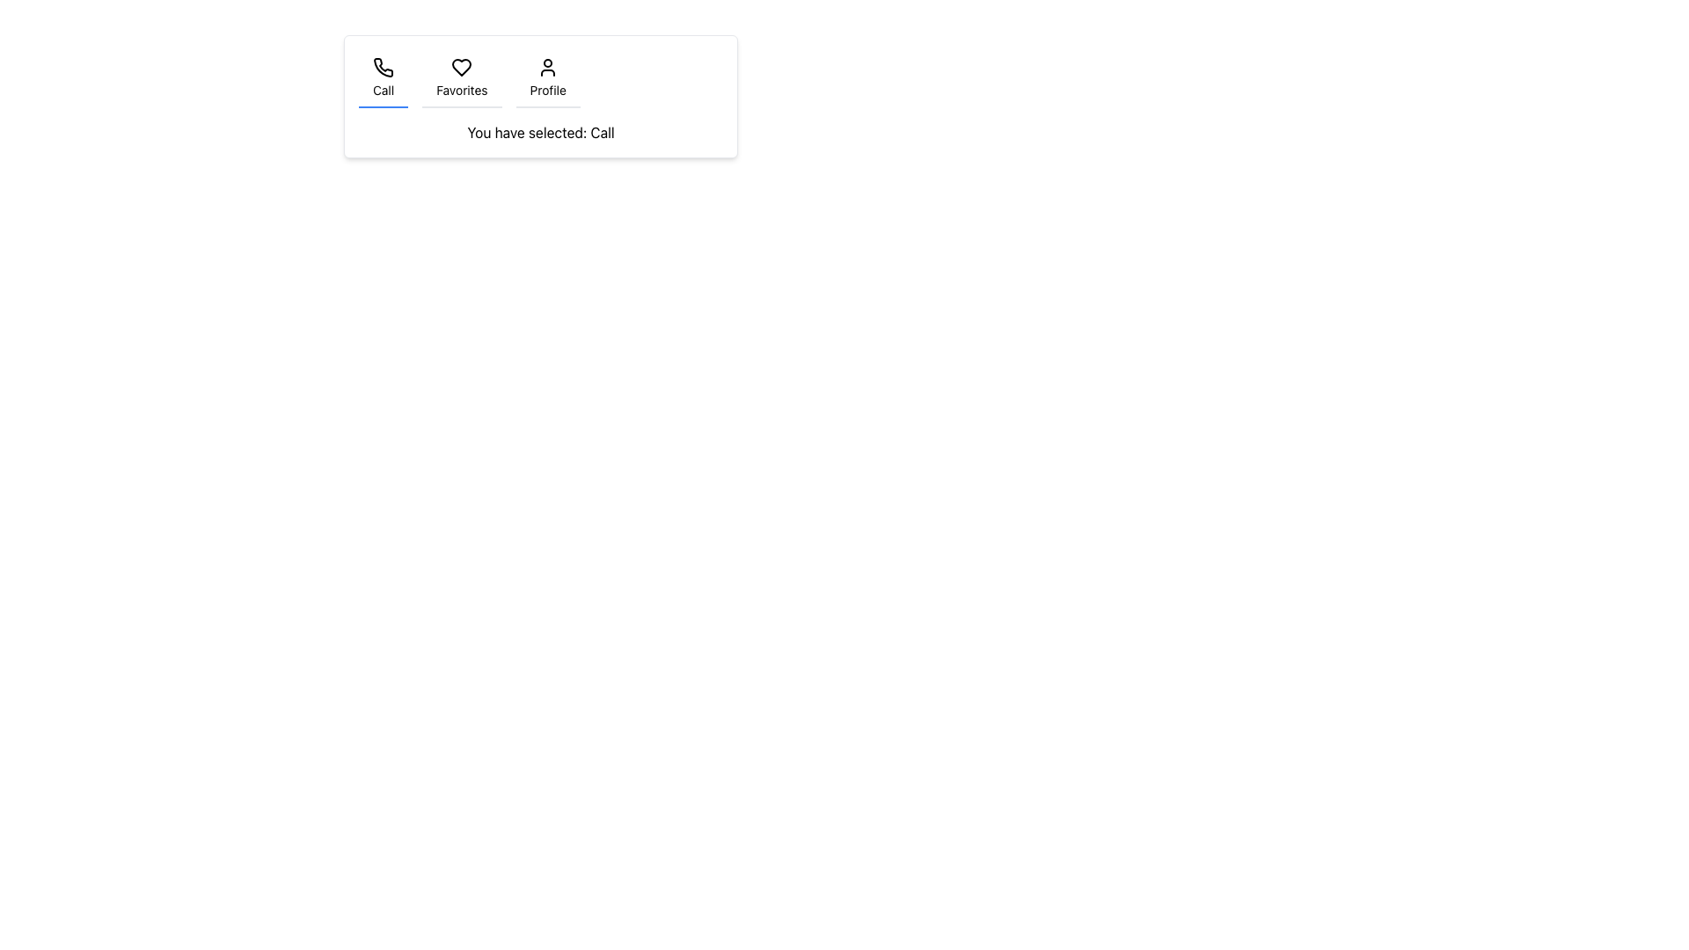 The width and height of the screenshot is (1689, 950). I want to click on the heart icon in the navigation bar, which symbolizes the 'Favorites' section, so click(462, 67).